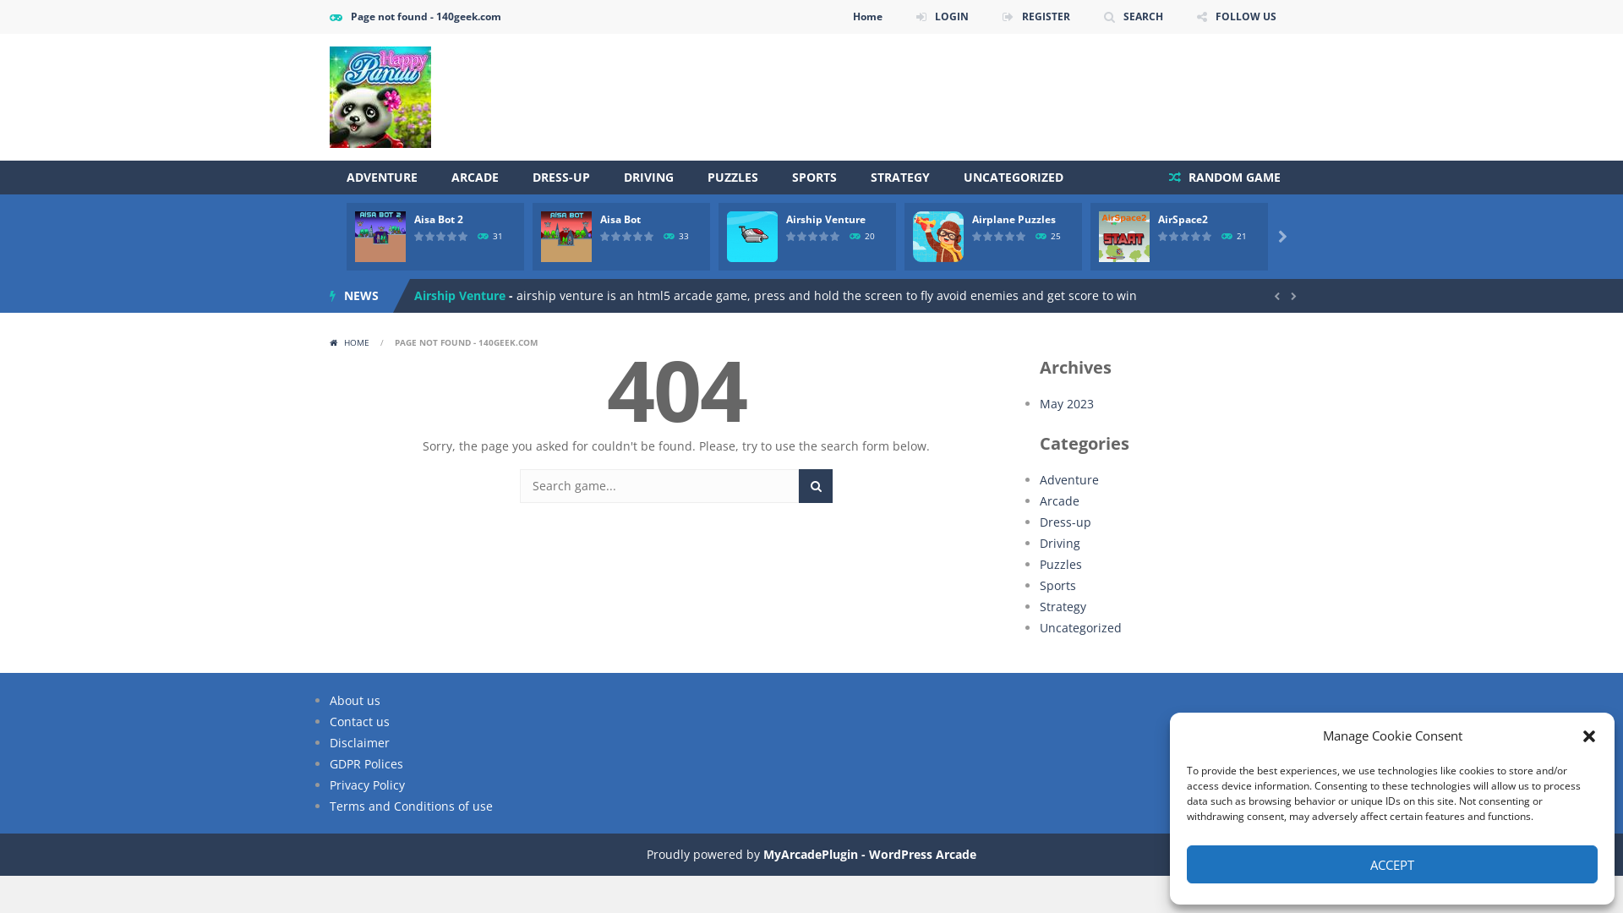 The width and height of the screenshot is (1623, 913). What do you see at coordinates (380, 177) in the screenshot?
I see `'ADVENTURE'` at bounding box center [380, 177].